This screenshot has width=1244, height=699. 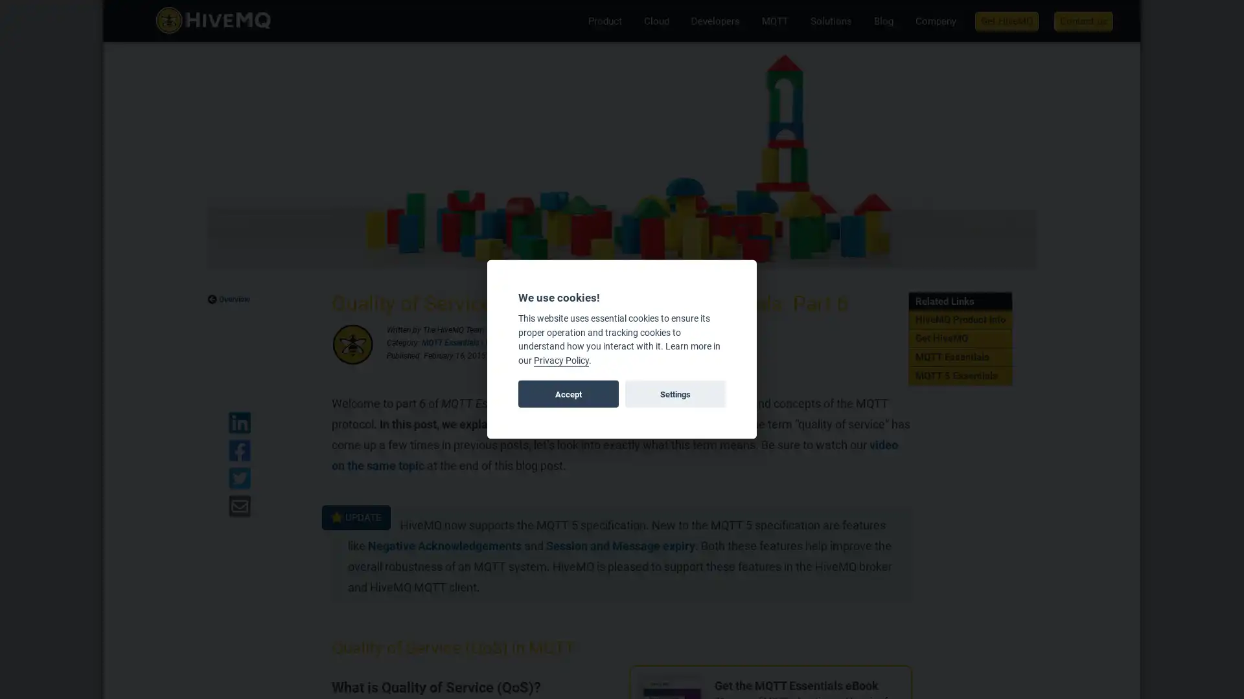 I want to click on Accept, so click(x=568, y=394).